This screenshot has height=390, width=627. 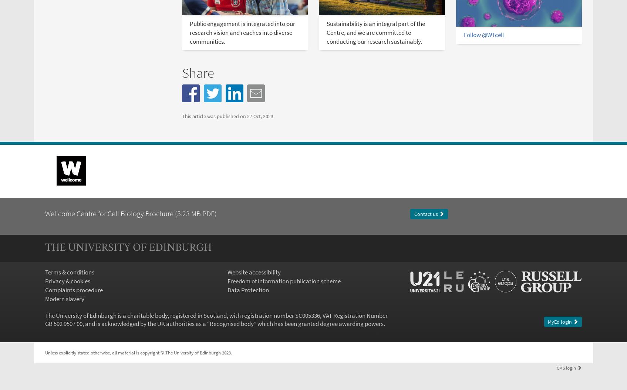 What do you see at coordinates (127, 248) in the screenshot?
I see `'The University of Edinburgh'` at bounding box center [127, 248].